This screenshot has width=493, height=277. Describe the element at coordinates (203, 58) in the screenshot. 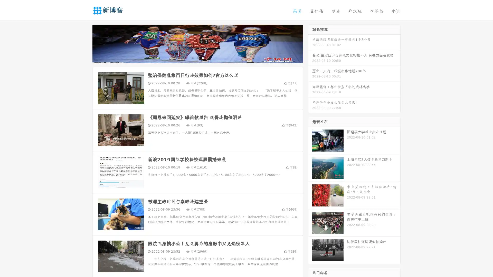

I see `Go to slide 3` at that location.